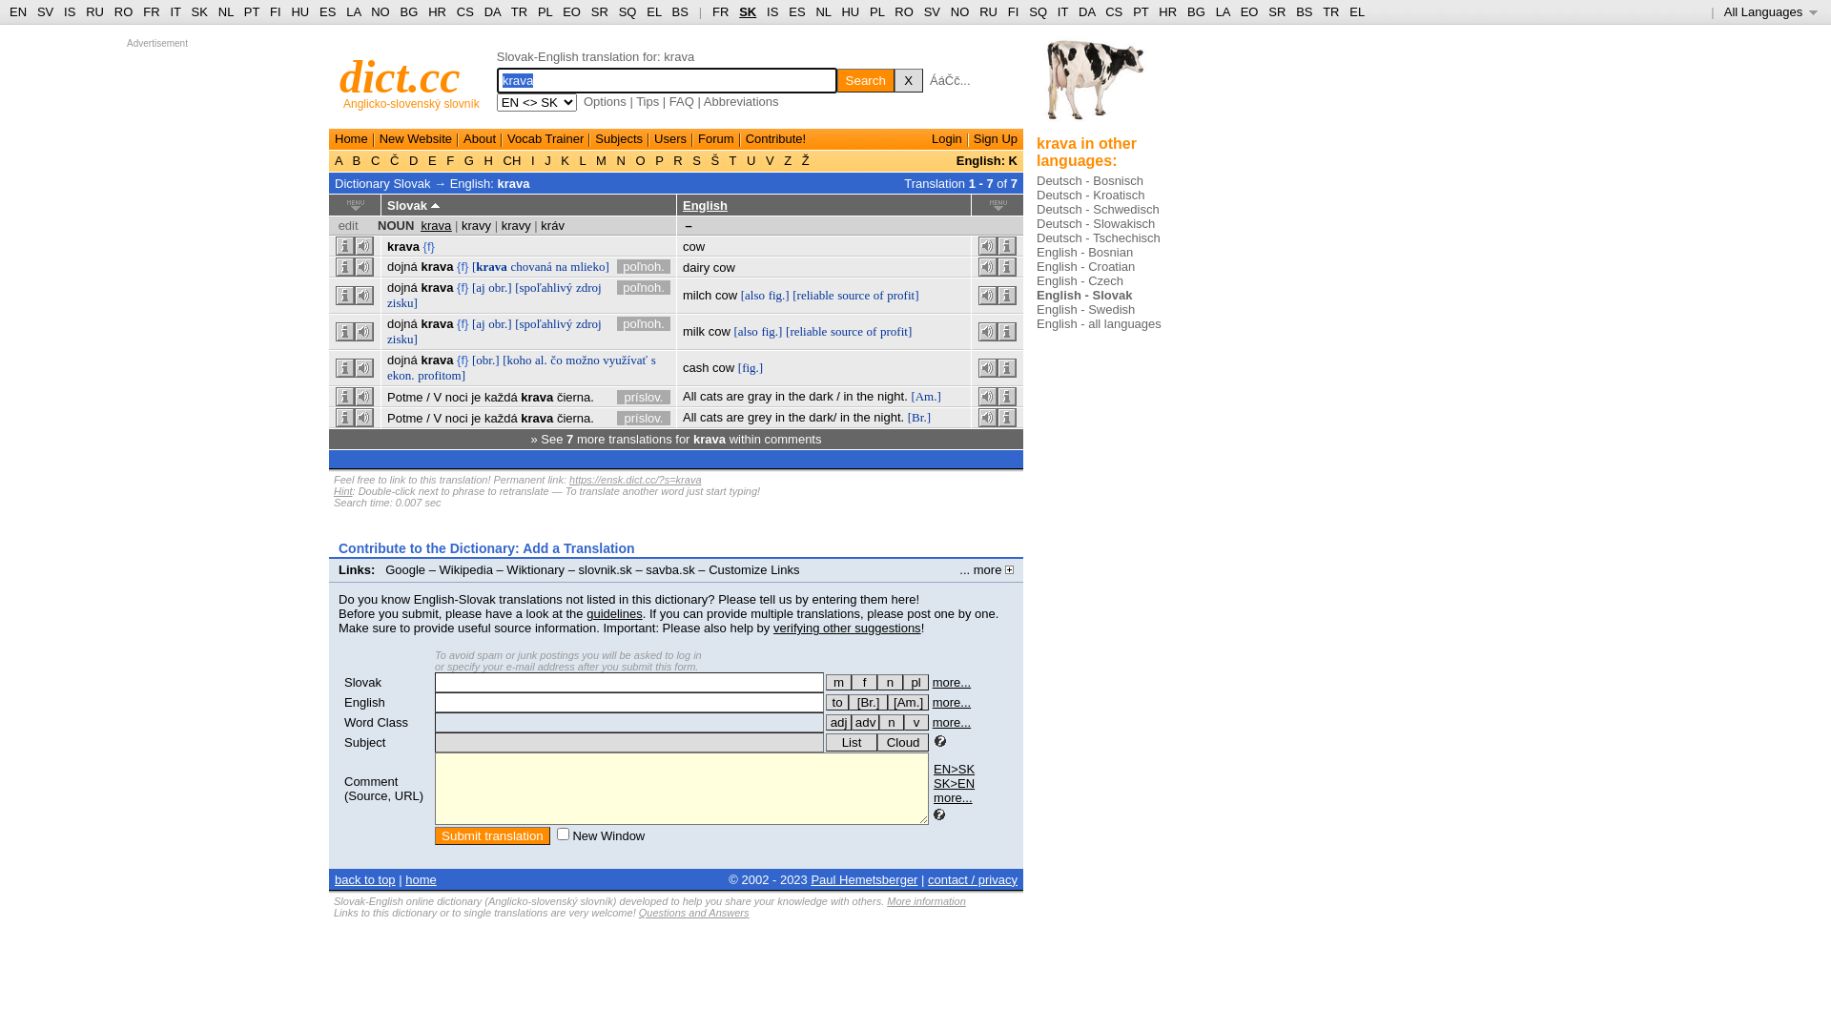  Describe the element at coordinates (1086, 11) in the screenshot. I see `'DA'` at that location.